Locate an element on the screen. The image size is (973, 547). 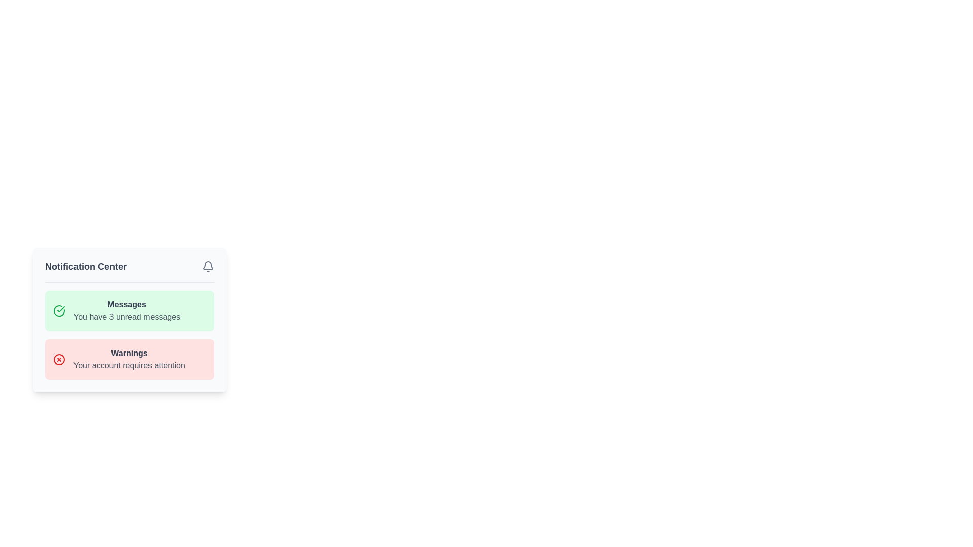
the first Notification Card in the Notification Center, which summarizes unread messages and is highlighted with a green color scheme is located at coordinates (129, 320).